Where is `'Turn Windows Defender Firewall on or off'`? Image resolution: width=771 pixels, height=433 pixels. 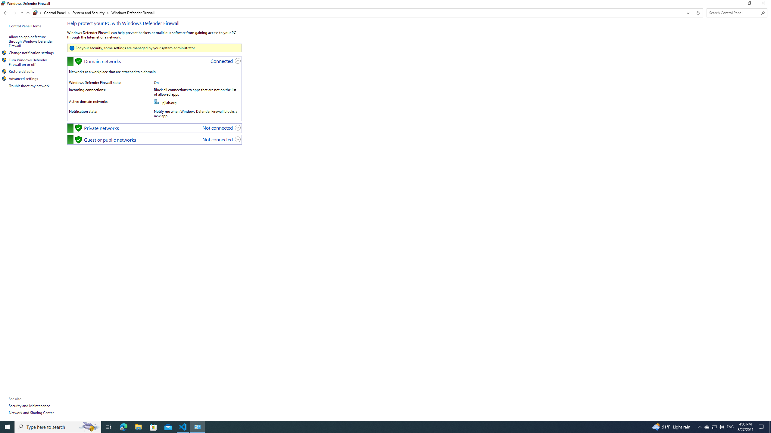
'Turn Windows Defender Firewall on or off' is located at coordinates (28, 62).